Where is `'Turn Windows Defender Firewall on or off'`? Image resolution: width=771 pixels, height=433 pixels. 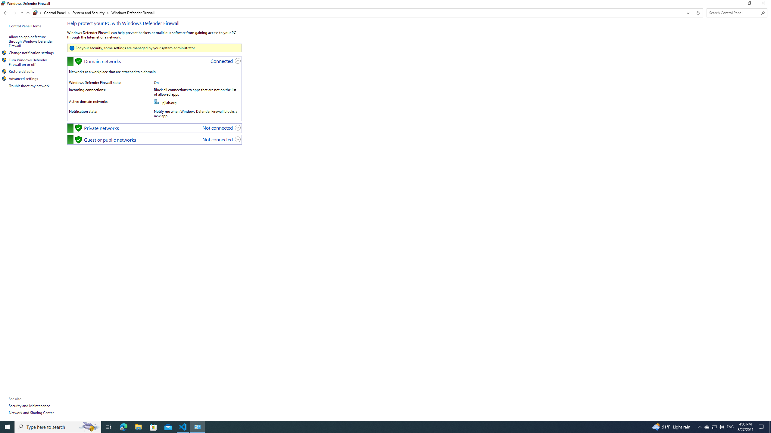
'Turn Windows Defender Firewall on or off' is located at coordinates (28, 62).